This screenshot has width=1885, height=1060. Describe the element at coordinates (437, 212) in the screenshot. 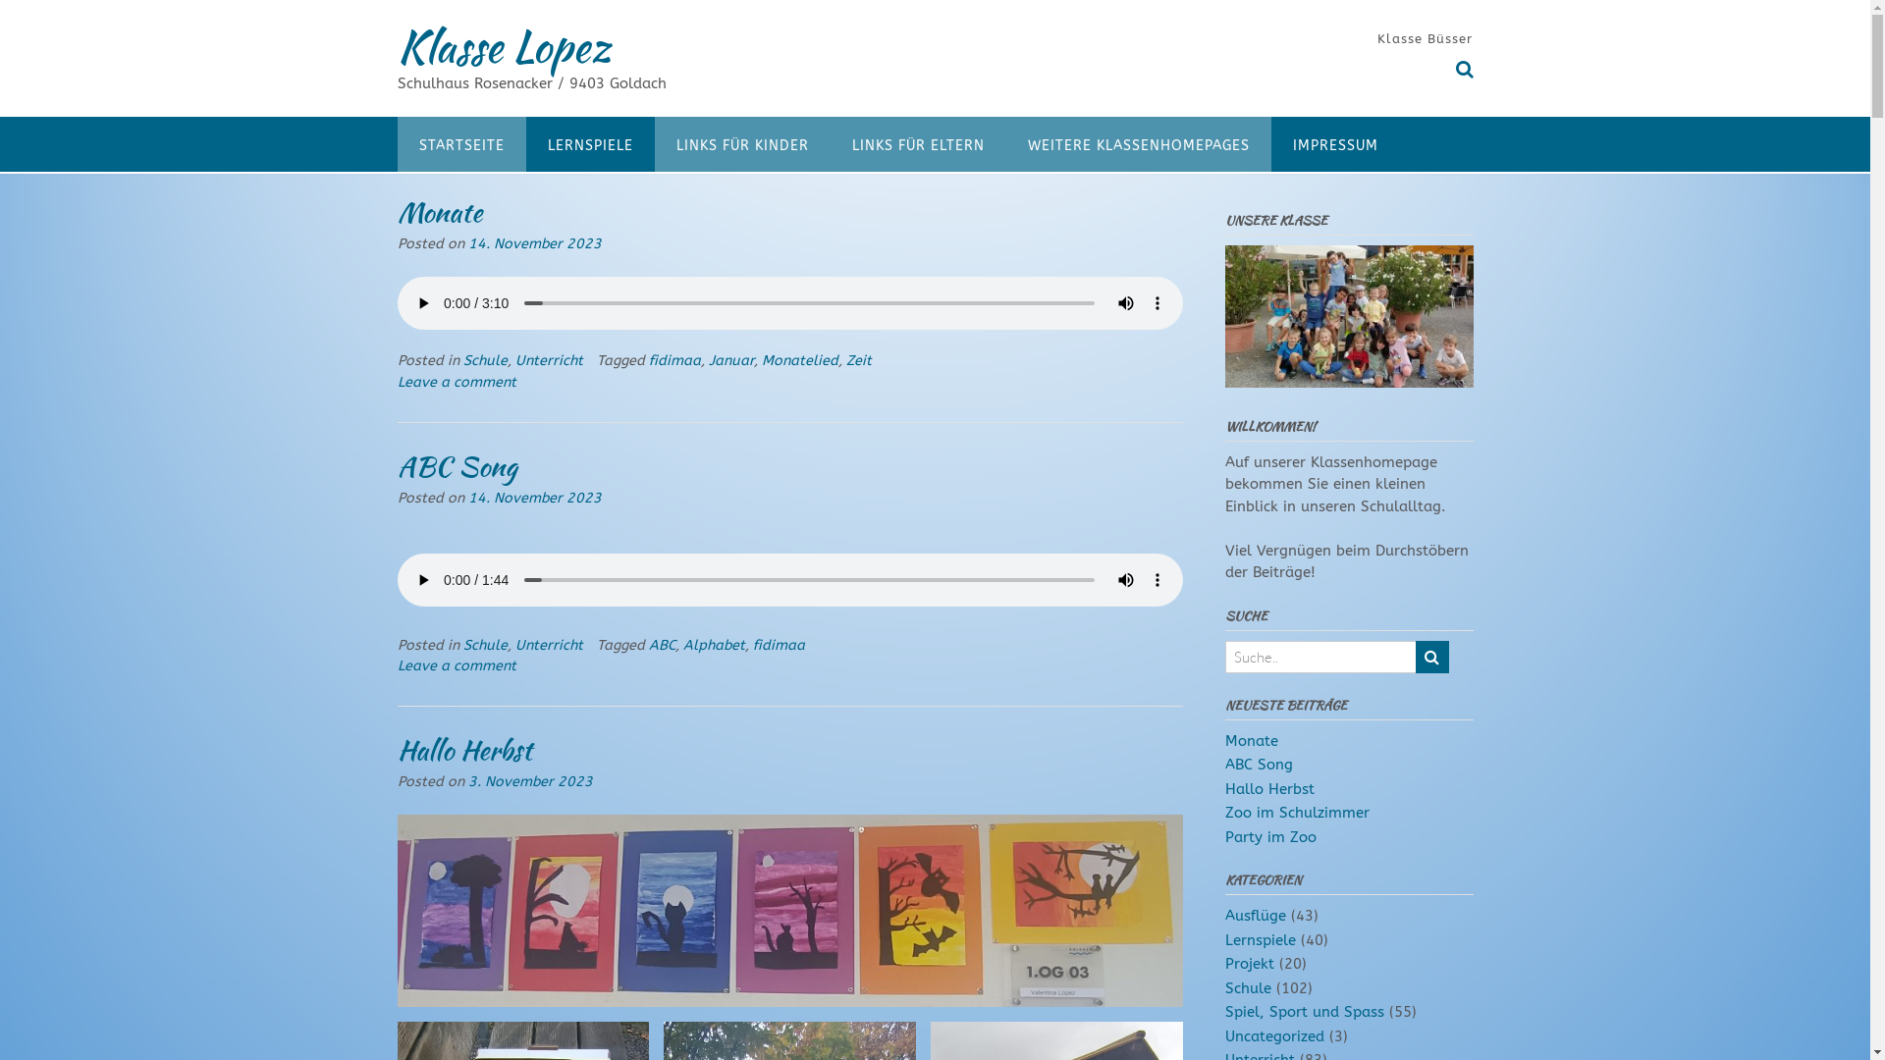

I see `'Monate'` at that location.